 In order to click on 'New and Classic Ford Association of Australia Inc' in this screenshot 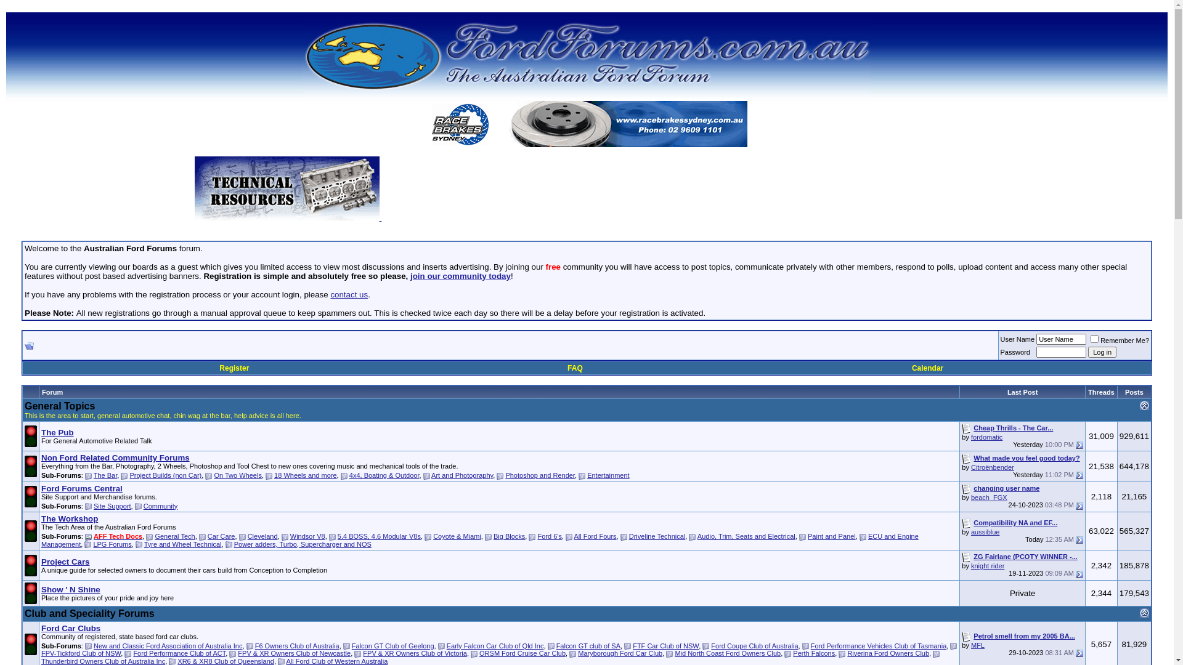, I will do `click(168, 645)`.